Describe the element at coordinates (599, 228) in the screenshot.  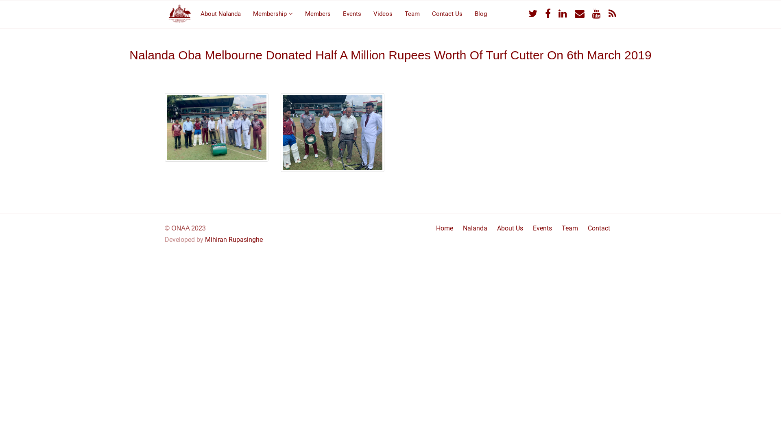
I see `'Contact'` at that location.